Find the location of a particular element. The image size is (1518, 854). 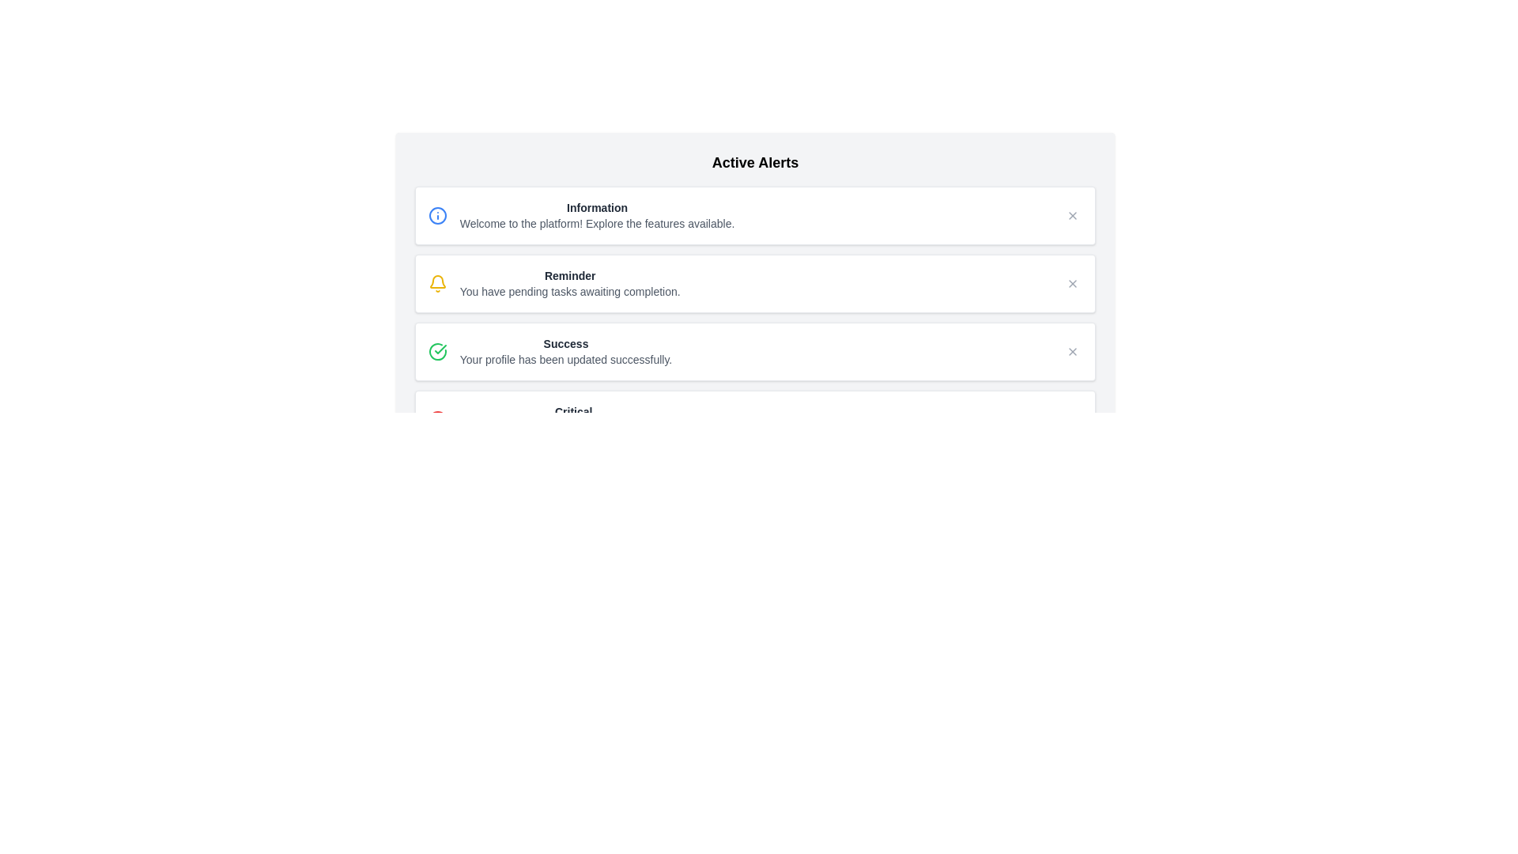

the static text element displaying the message 'Welcome to the platform! Explore the features available.' which is located beneath the heading 'Information' is located at coordinates (596, 223).